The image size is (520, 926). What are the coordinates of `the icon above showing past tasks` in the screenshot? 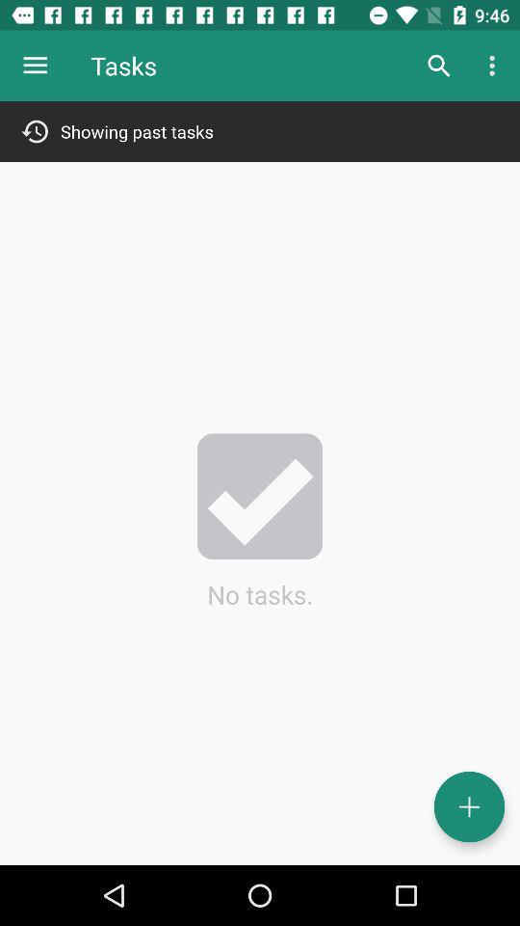 It's located at (35, 66).